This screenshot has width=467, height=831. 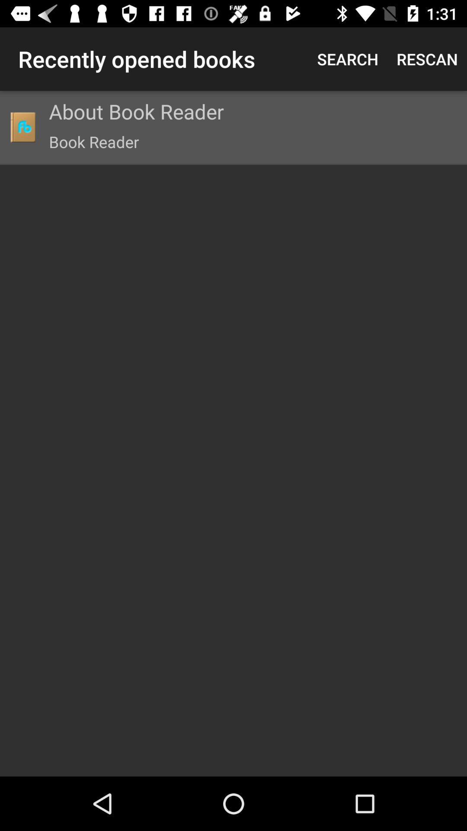 I want to click on the icon to the right of recently opened books item, so click(x=347, y=58).